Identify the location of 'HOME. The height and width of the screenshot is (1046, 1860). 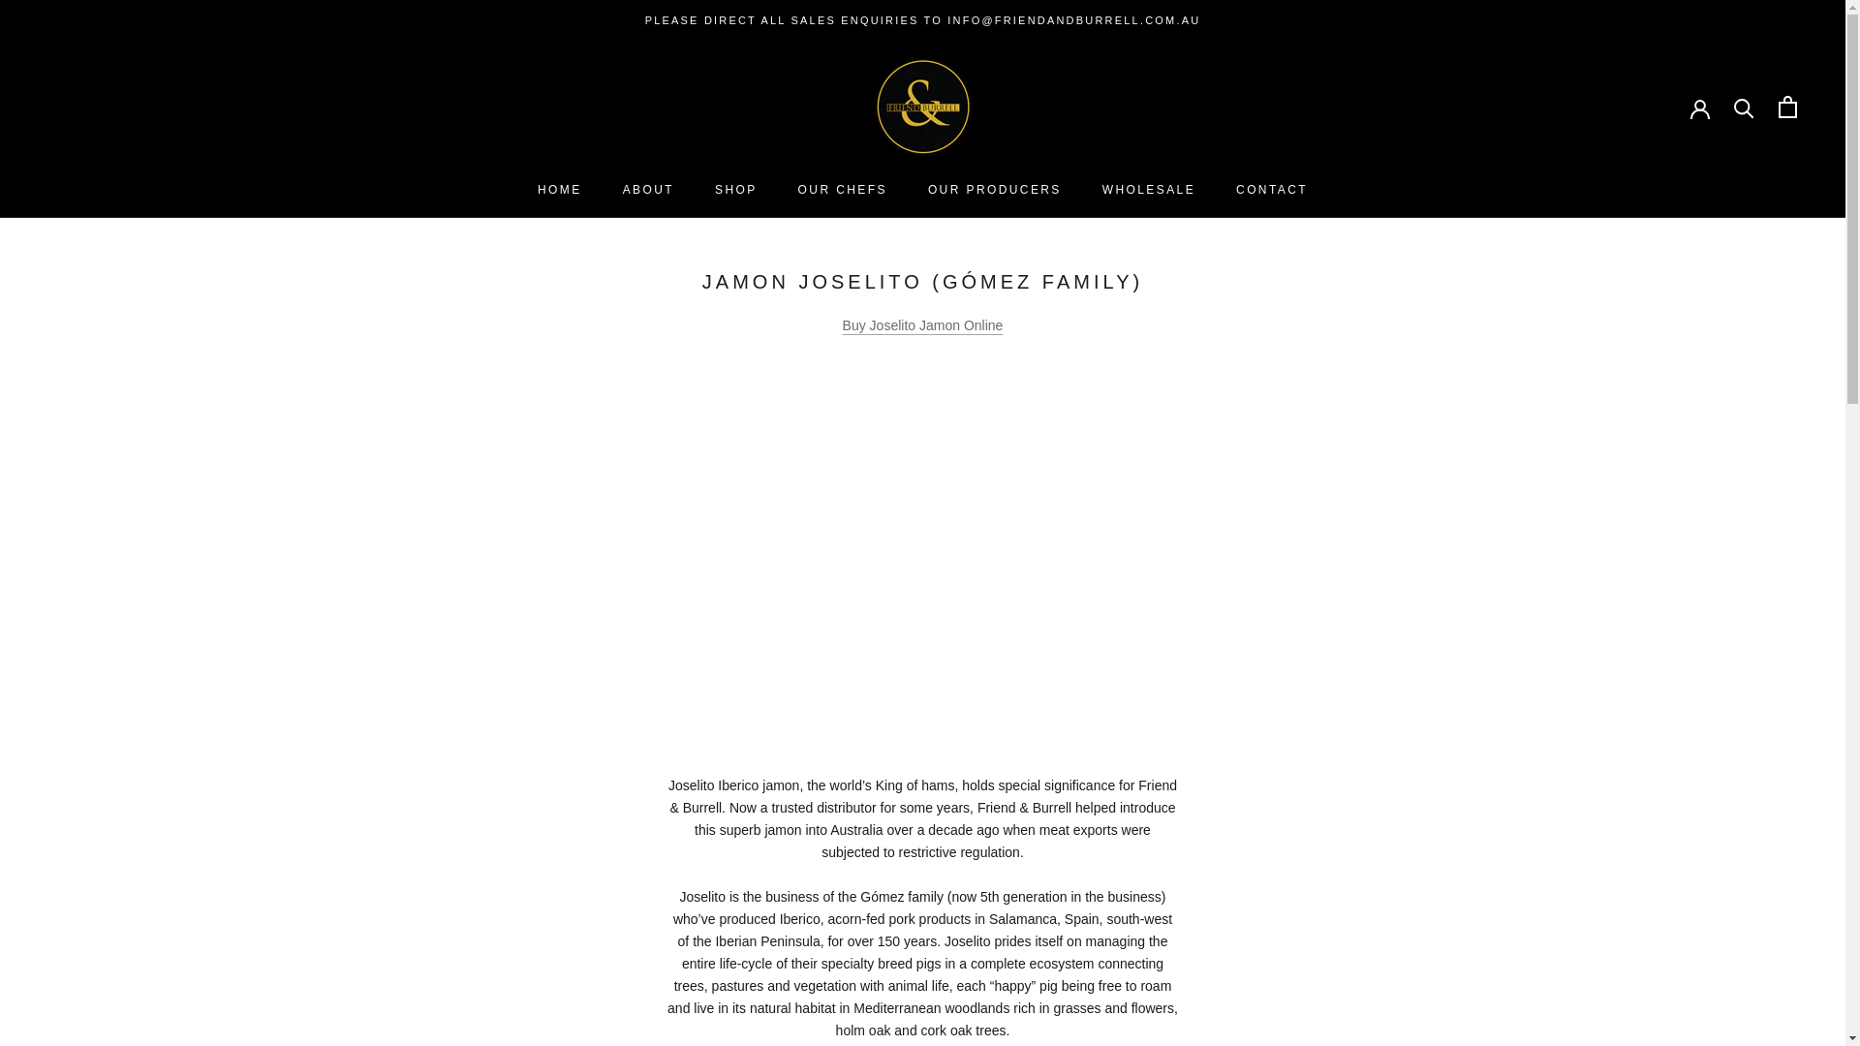
(538, 190).